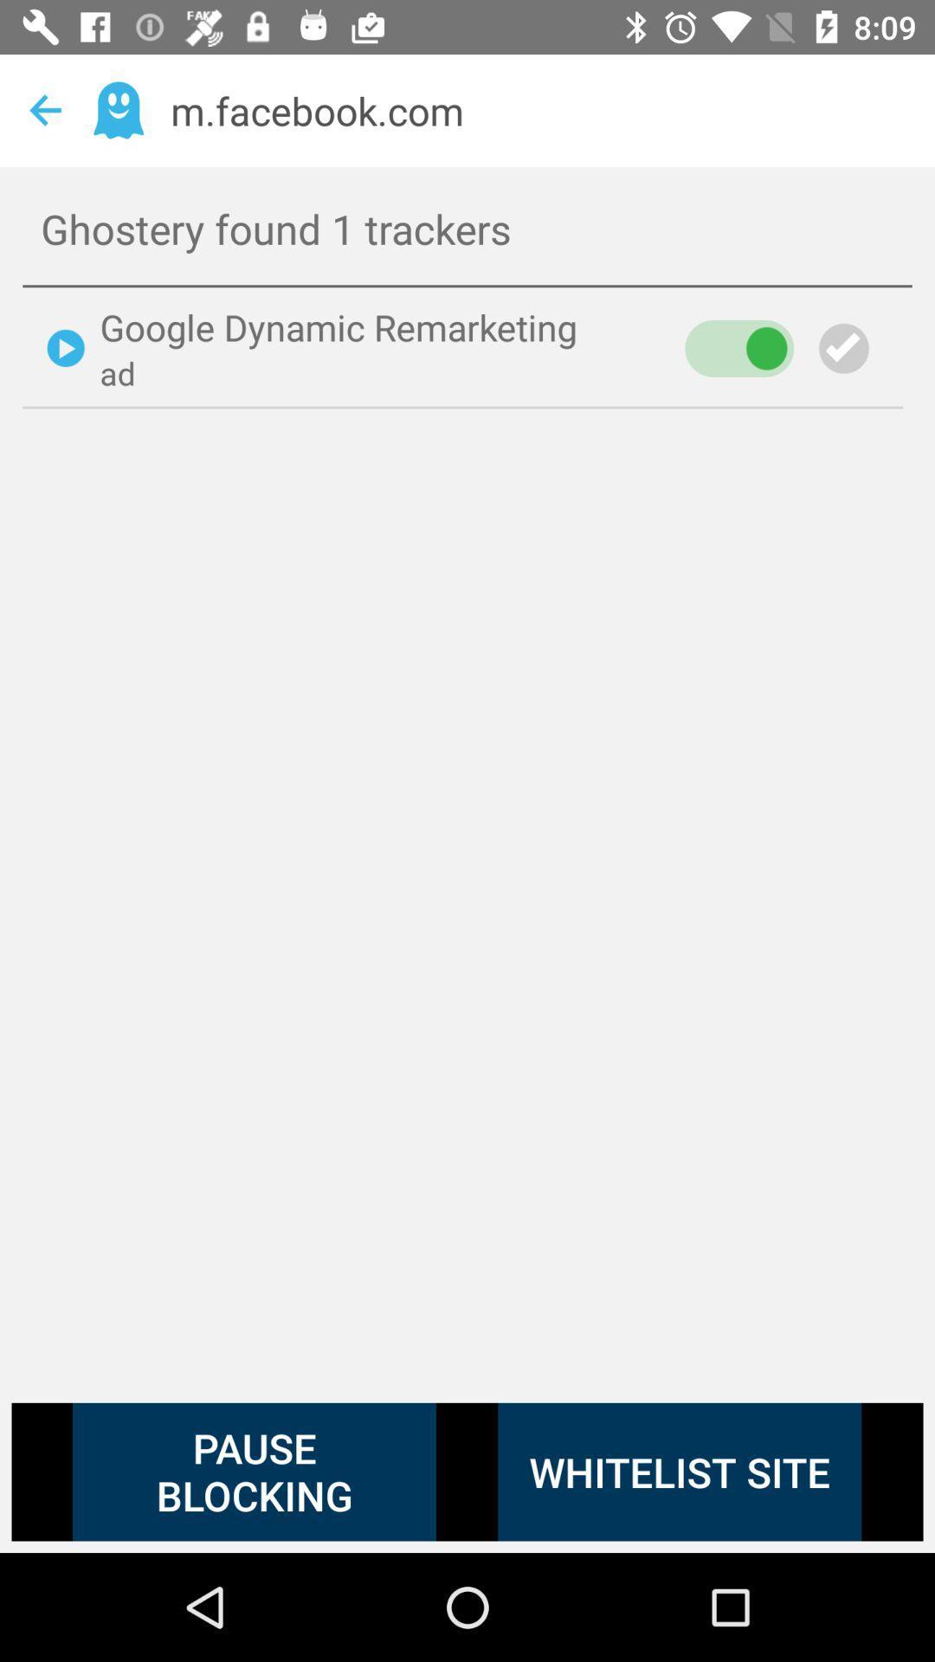 Image resolution: width=935 pixels, height=1662 pixels. I want to click on the slide button, so click(738, 348).